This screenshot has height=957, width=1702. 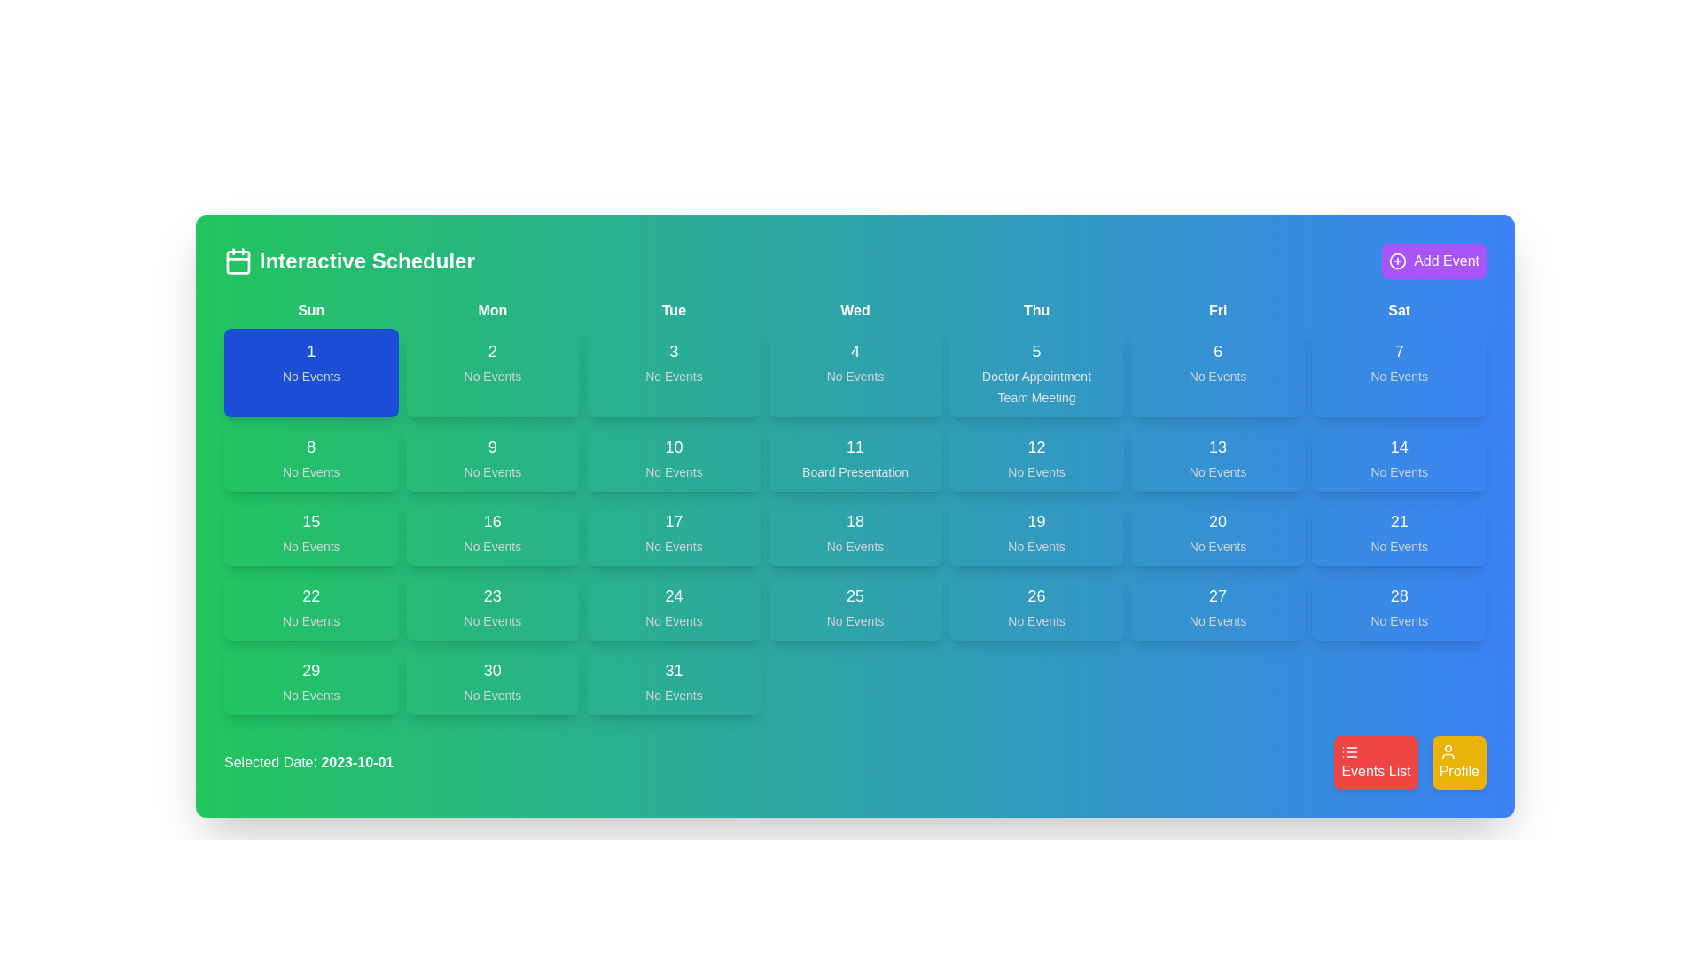 I want to click on the static text indicating no scheduled events for the date '10' under 'Tuesday' in the Interactive Scheduler, so click(x=673, y=471).